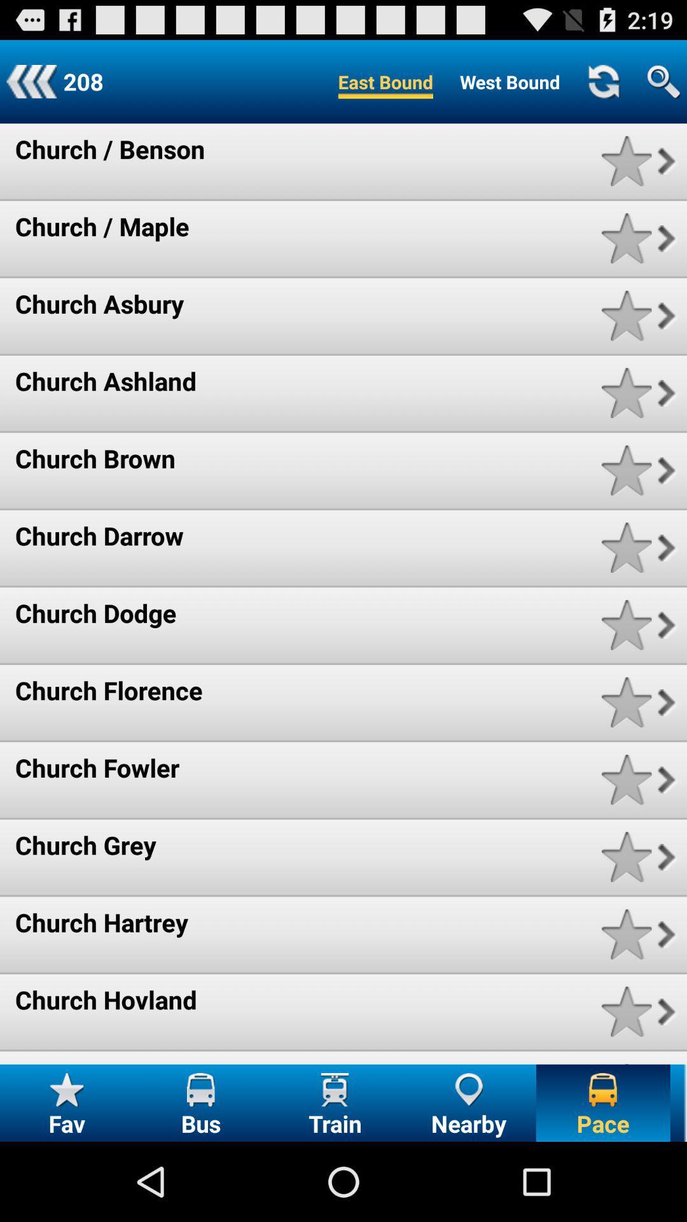 The image size is (687, 1222). What do you see at coordinates (31, 87) in the screenshot?
I see `the av_rewind icon` at bounding box center [31, 87].